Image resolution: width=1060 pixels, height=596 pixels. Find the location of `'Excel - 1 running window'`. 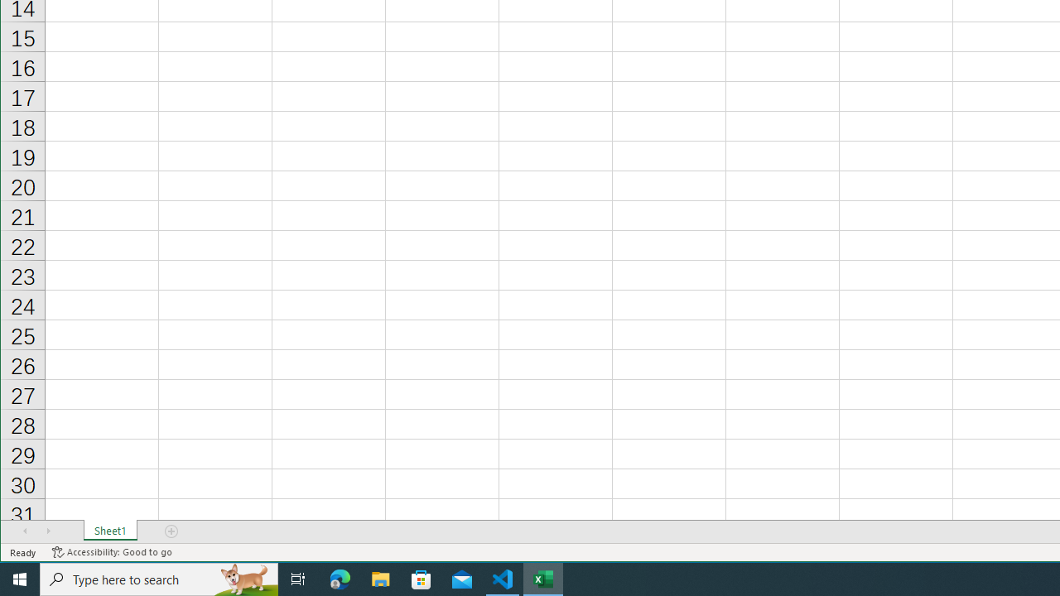

'Excel - 1 running window' is located at coordinates (543, 578).